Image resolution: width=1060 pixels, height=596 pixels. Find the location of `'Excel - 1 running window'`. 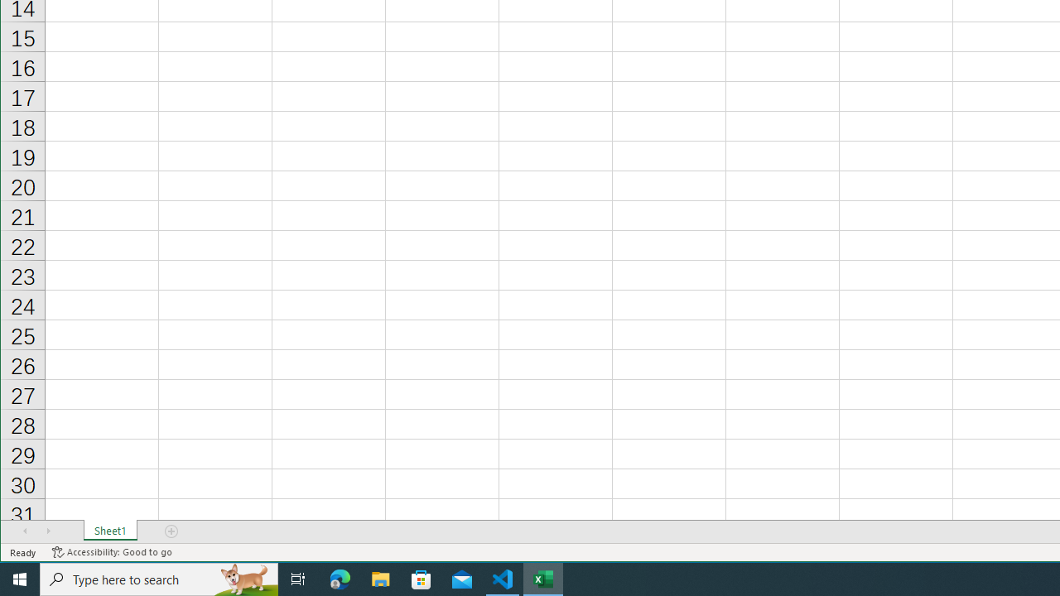

'Excel - 1 running window' is located at coordinates (543, 578).